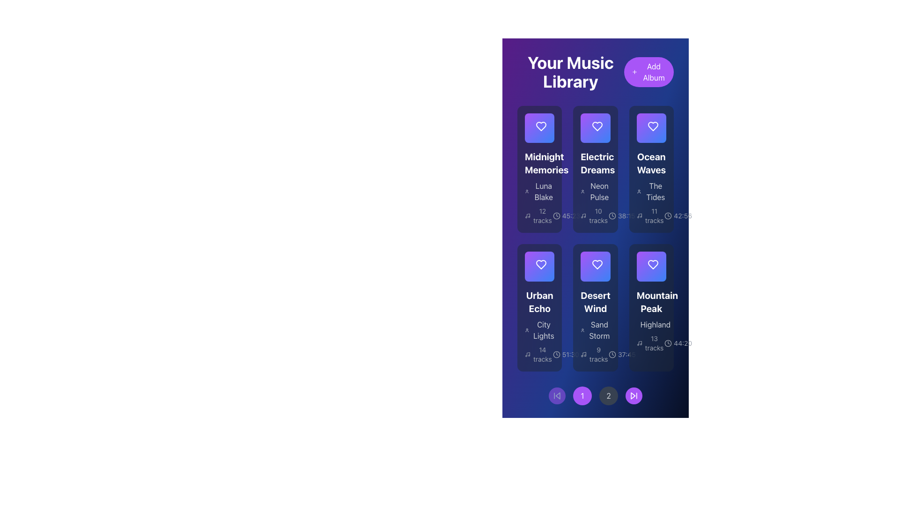  Describe the element at coordinates (539, 191) in the screenshot. I see `text of the label displaying the author's or artist's name associated with the album 'Midnight Memories', located above the '12 tracks' detail in the first card on the top left quadrant of the grid layout` at that location.